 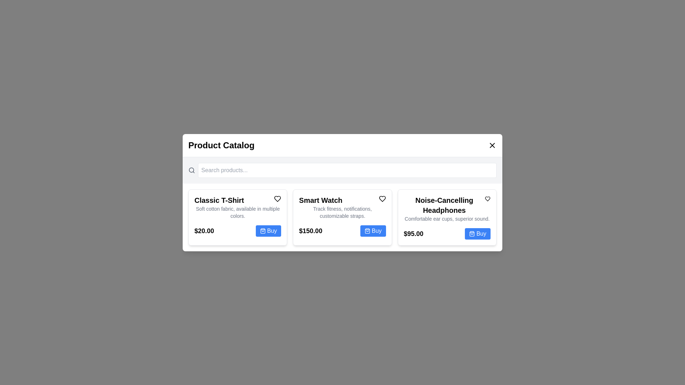 What do you see at coordinates (492, 145) in the screenshot?
I see `the close button to close the modal` at bounding box center [492, 145].